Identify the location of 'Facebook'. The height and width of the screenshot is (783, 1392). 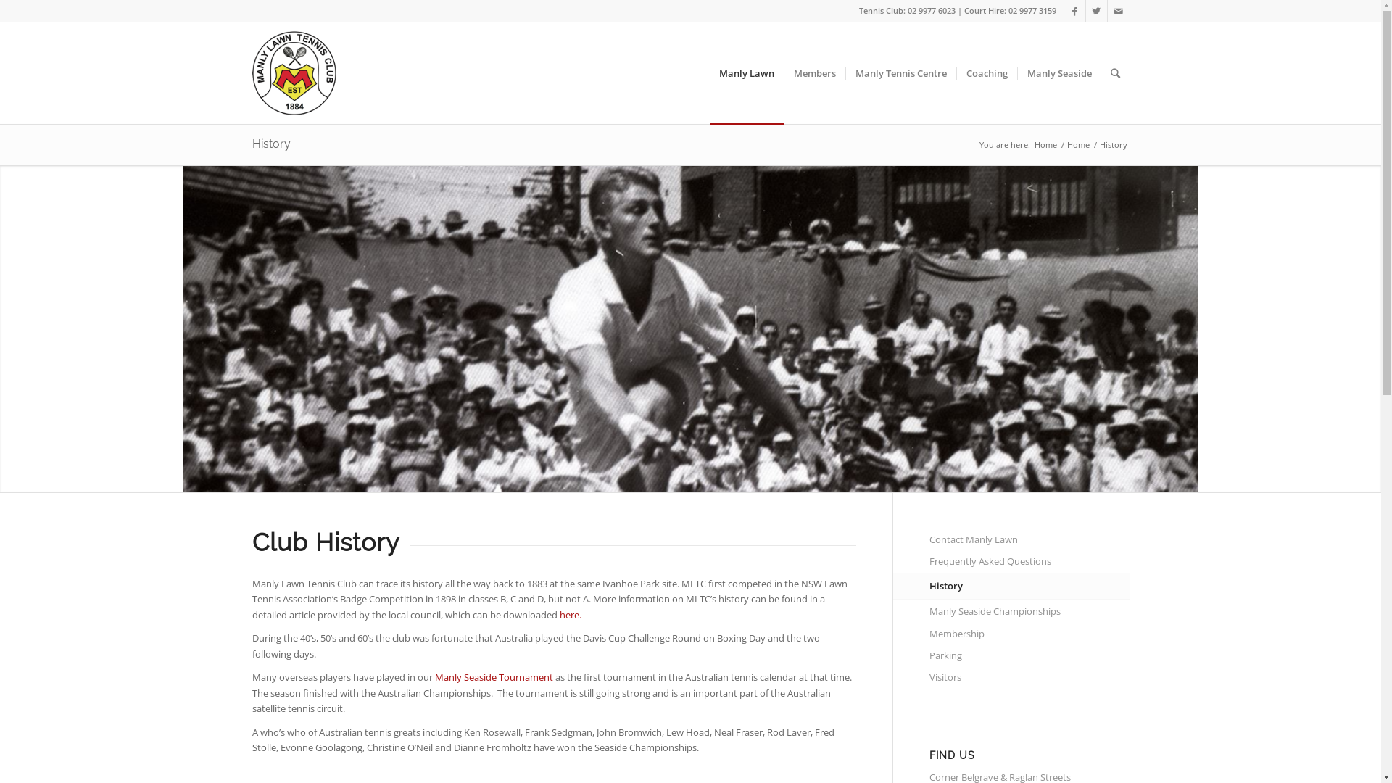
(1074, 11).